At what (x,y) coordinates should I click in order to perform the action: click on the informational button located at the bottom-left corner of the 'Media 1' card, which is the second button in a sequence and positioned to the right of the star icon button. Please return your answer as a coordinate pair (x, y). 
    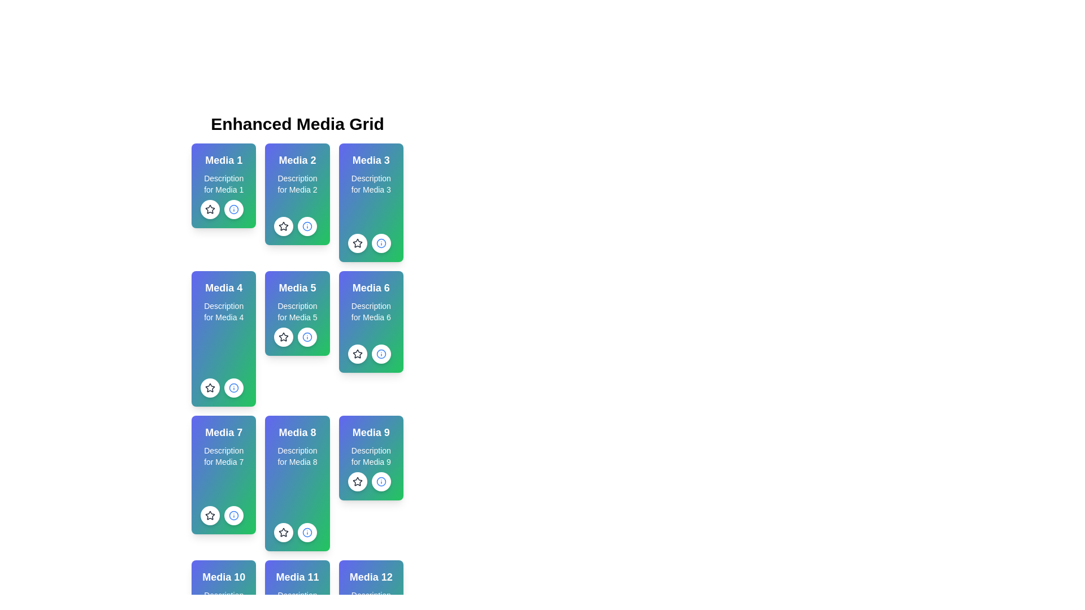
    Looking at the image, I should click on (233, 209).